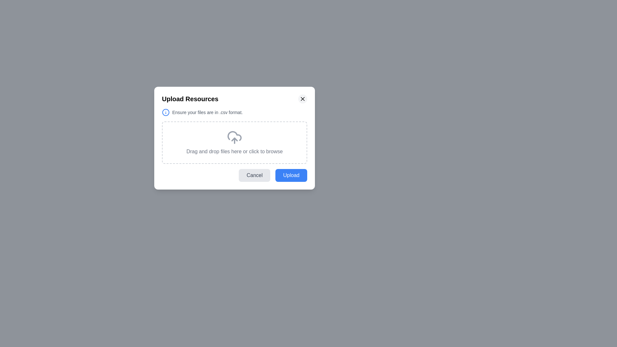 Image resolution: width=617 pixels, height=347 pixels. I want to click on the 'Upload Resources' text label, which is a prominent header in bold black font located at the top-left part of the dialog box, so click(190, 99).